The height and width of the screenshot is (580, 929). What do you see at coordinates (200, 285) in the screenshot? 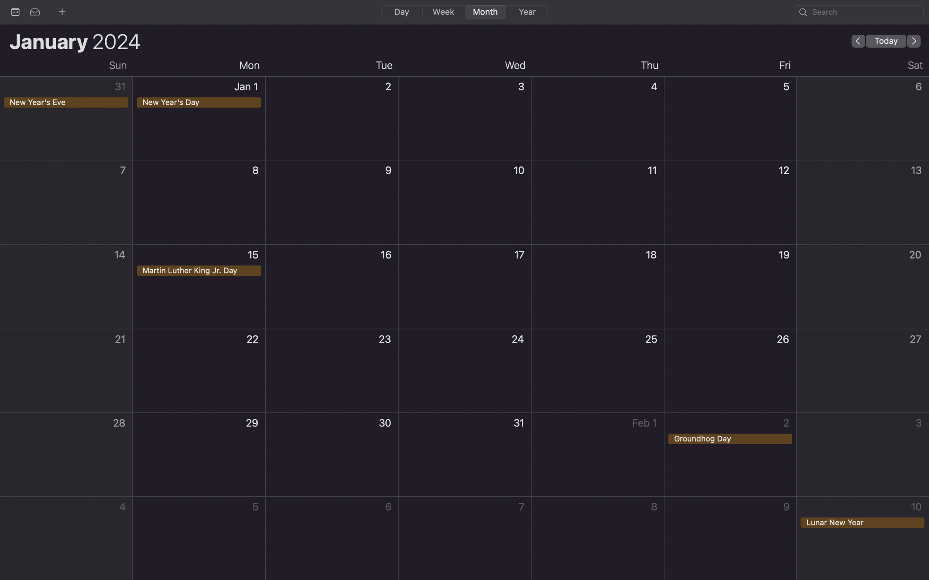
I see `Organize an event on Martin Luther King Jr Day` at bounding box center [200, 285].